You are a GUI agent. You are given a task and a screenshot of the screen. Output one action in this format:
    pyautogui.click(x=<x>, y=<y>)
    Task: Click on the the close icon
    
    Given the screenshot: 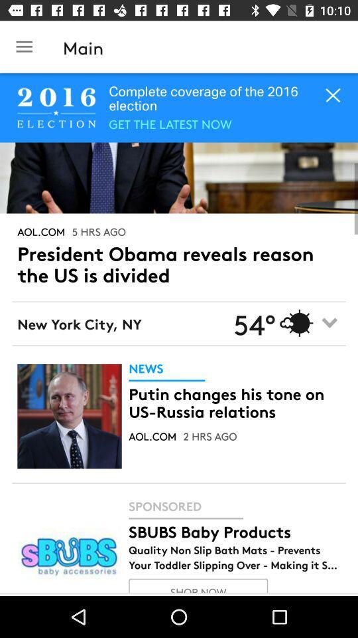 What is the action you would take?
    pyautogui.click(x=332, y=96)
    